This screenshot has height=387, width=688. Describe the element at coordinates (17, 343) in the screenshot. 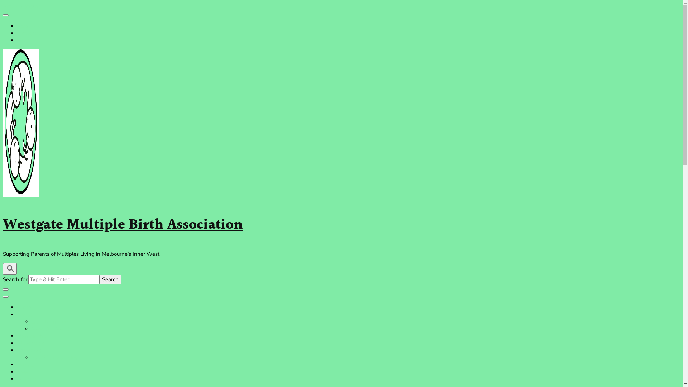

I see `'Playgroups'` at that location.